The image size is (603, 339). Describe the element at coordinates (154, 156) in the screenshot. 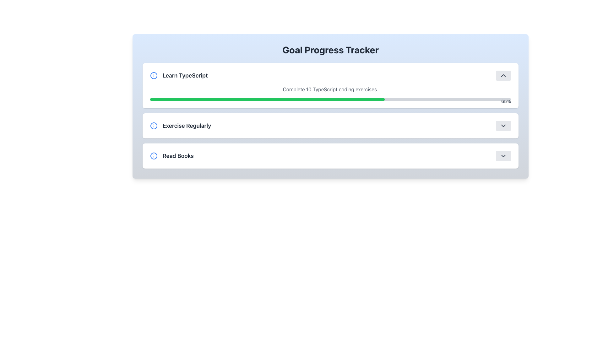

I see `the information icon located to the left of the 'Read Books' text in the 'Read Books' section to provide additional context` at that location.